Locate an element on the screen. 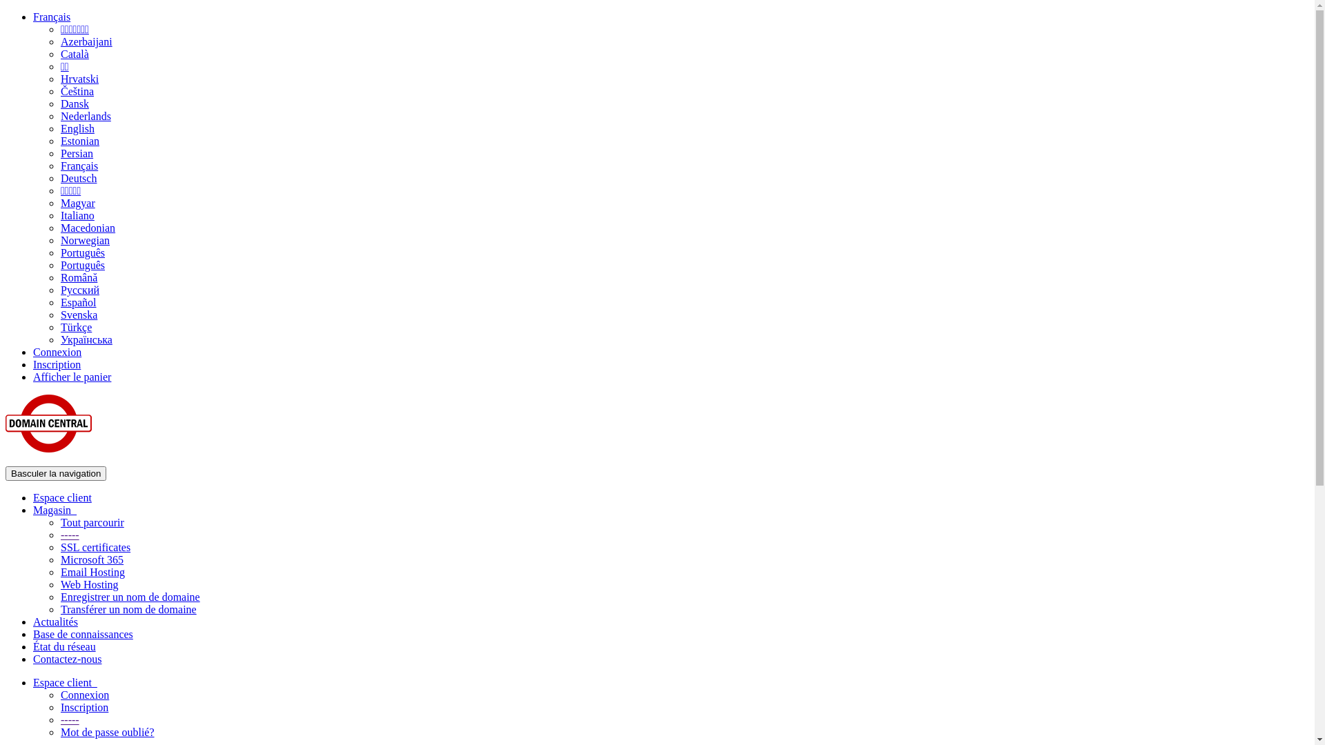 Image resolution: width=1325 pixels, height=745 pixels. '-----' is located at coordinates (69, 534).